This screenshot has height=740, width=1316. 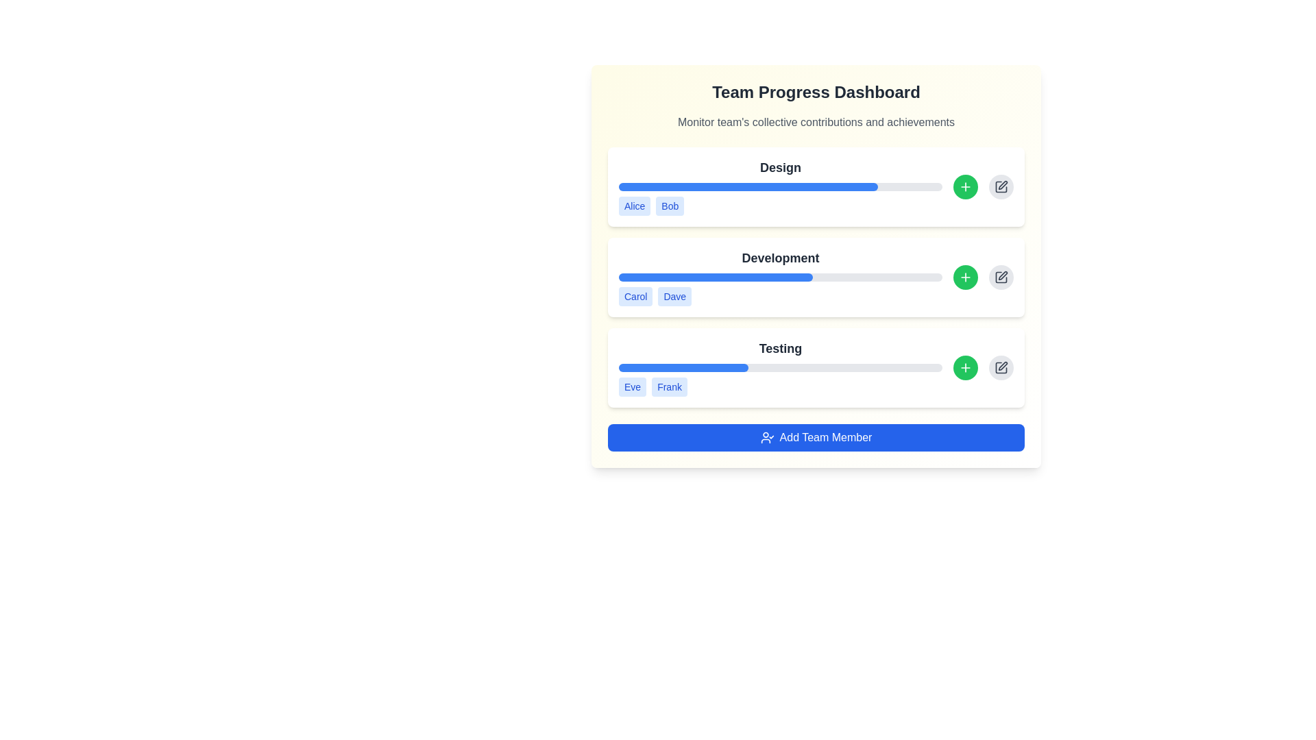 What do you see at coordinates (1001, 367) in the screenshot?
I see `the circular light gray button with a dark gray pencil icon` at bounding box center [1001, 367].